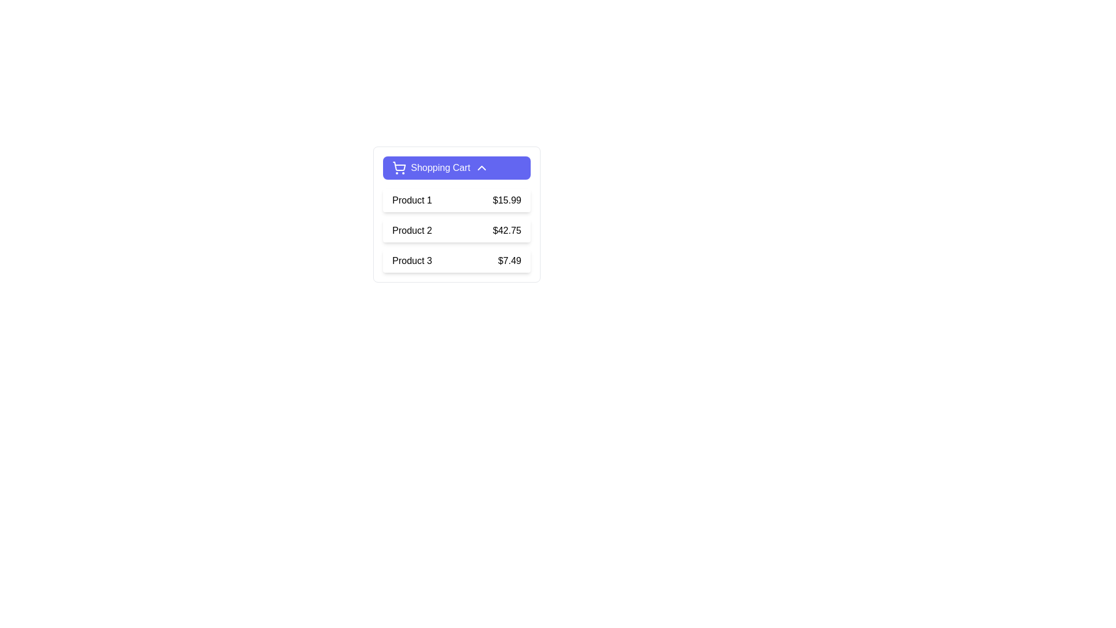 This screenshot has height=628, width=1116. Describe the element at coordinates (510, 260) in the screenshot. I see `price displayed as '$7.49', which is the static text located to the right of 'Product 3' in the shopping list card` at that location.